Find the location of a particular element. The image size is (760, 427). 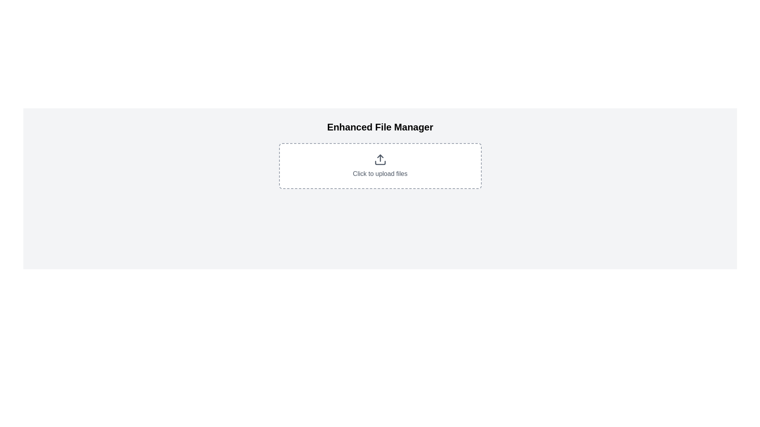

the static text label that displays 'Click to upload files', located below an upload icon within a dashed border card-like UI component is located at coordinates (380, 173).